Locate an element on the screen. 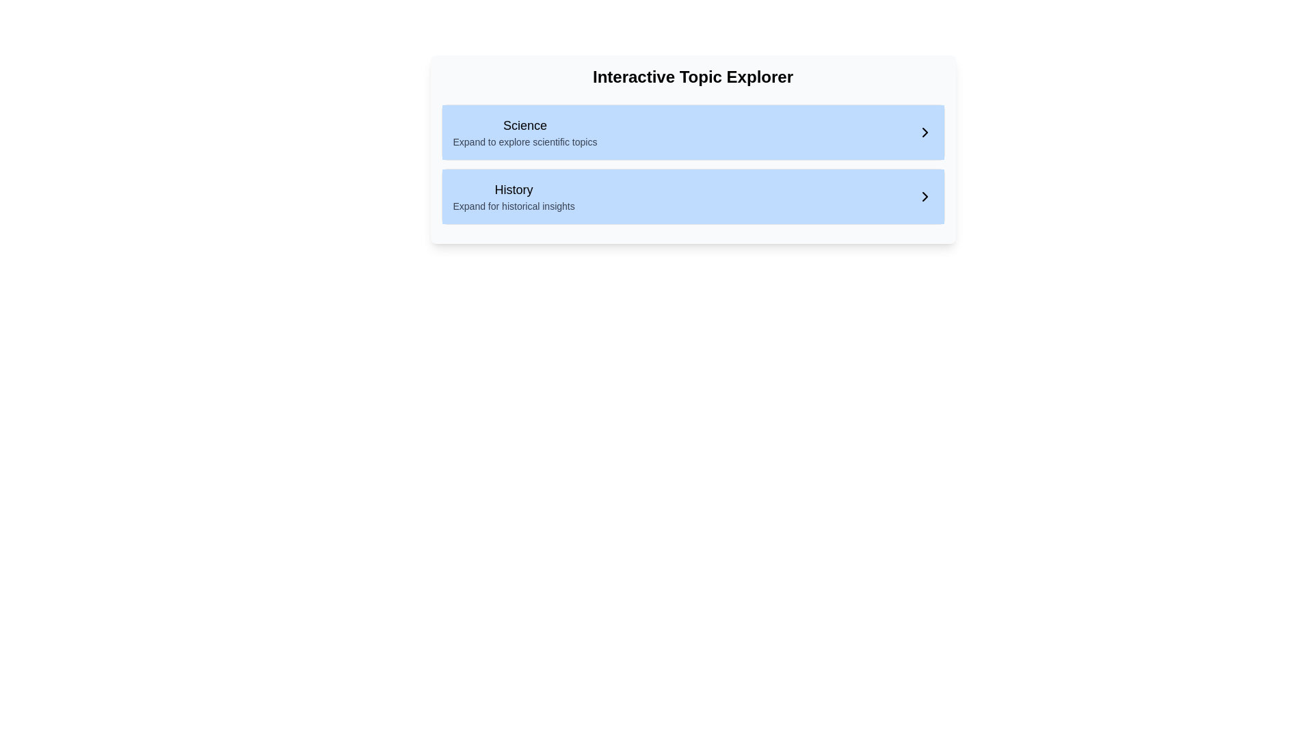  the Text Label that serves as a heading for the historical topic section, positioned above the explanatory text 'Expand for historical insights.' is located at coordinates (513, 189).